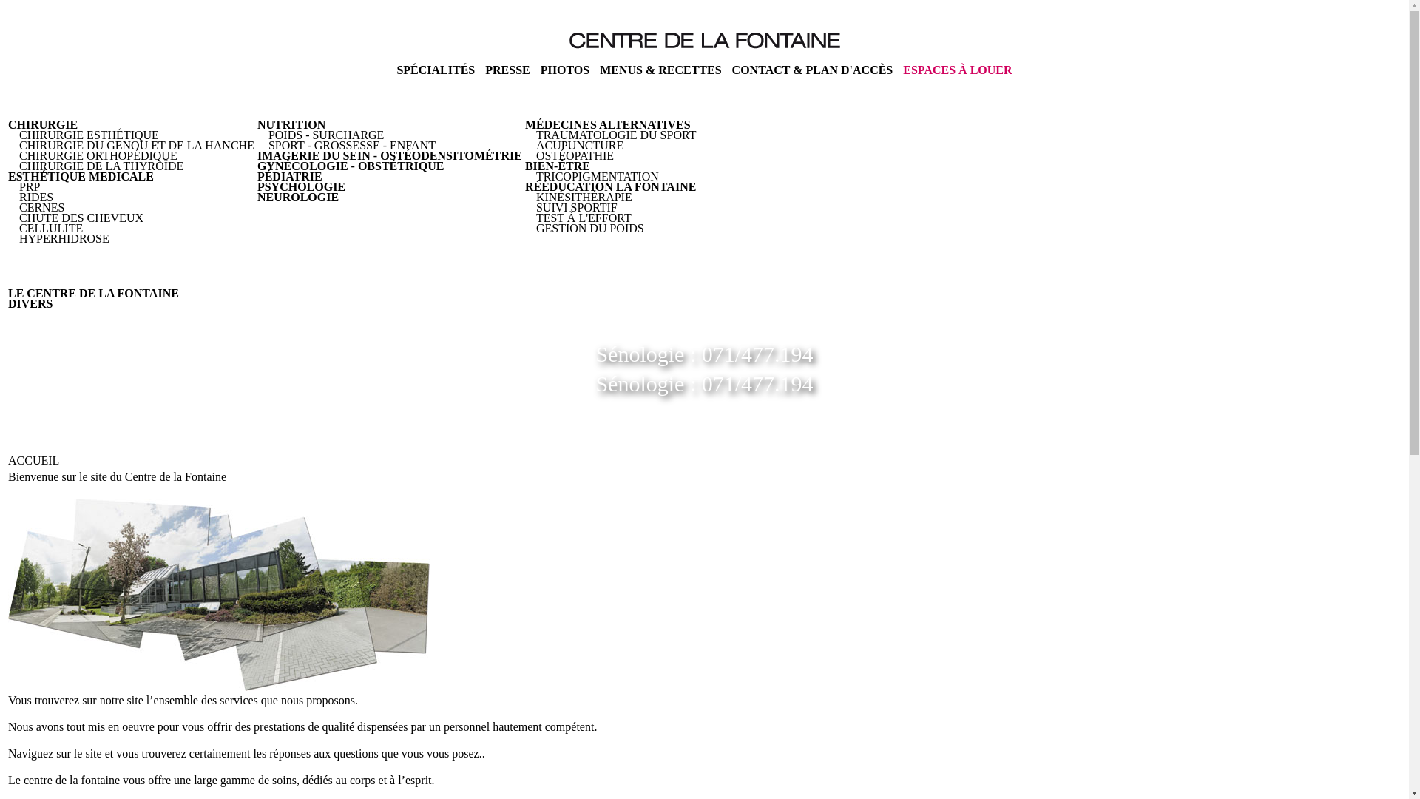  Describe the element at coordinates (29, 186) in the screenshot. I see `'PRP'` at that location.